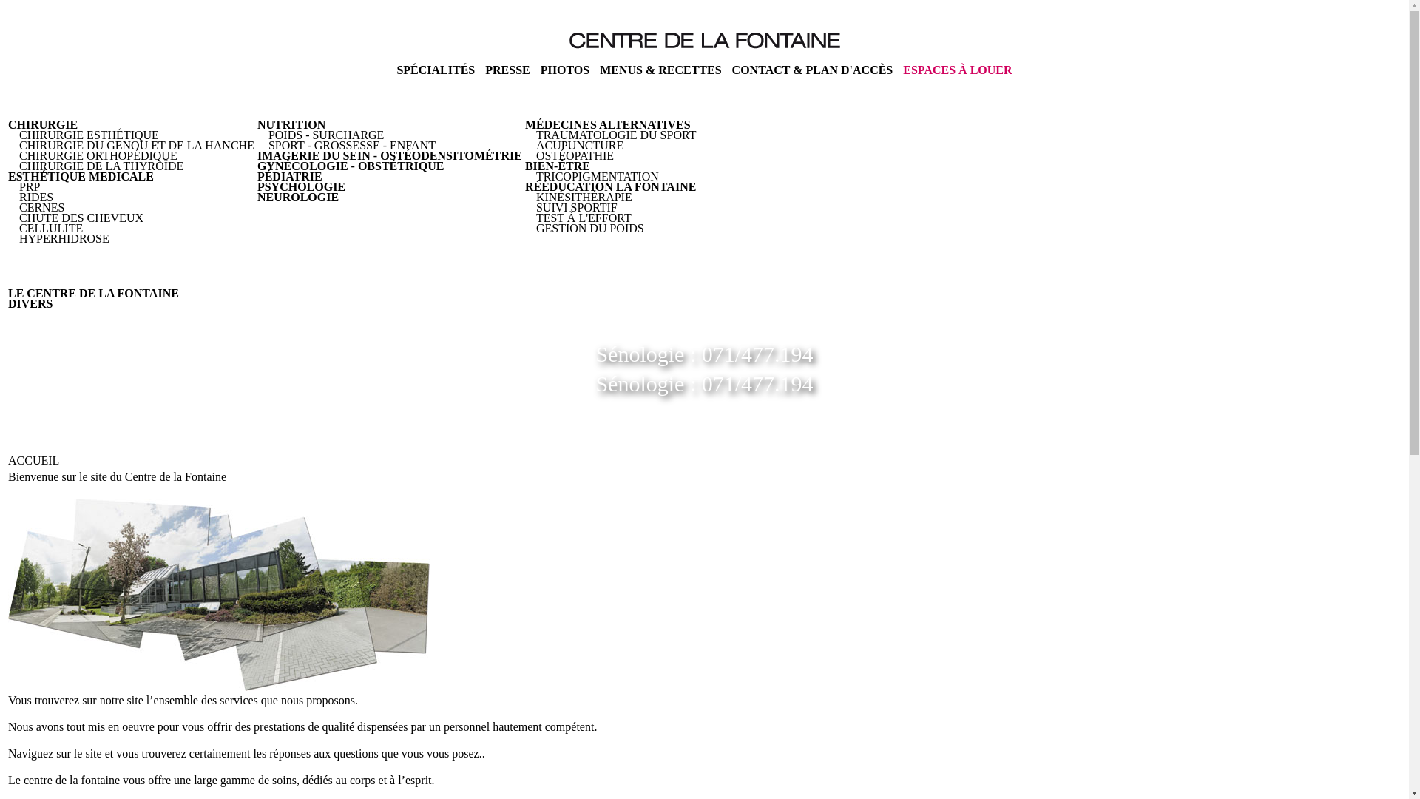  Describe the element at coordinates (29, 186) in the screenshot. I see `'PRP'` at that location.